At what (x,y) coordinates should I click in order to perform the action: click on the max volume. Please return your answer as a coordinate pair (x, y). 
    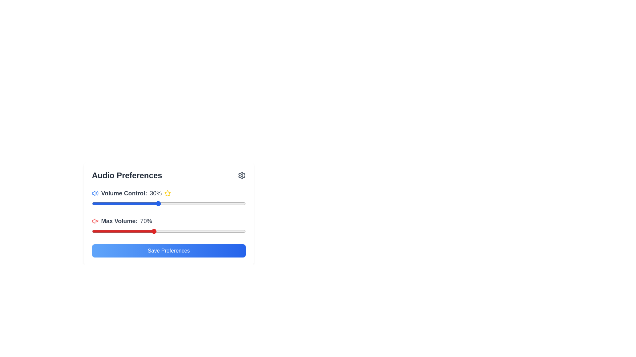
    Looking at the image, I should click on (239, 231).